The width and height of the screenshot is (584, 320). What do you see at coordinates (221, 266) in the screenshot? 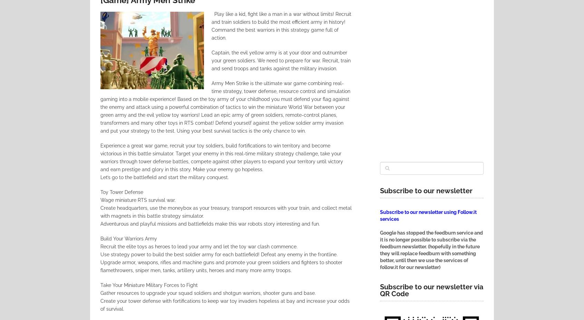
I see `'Upgrade armor, weapons, rifles and machine guns and promote your green soldiers and fighters to shooter flamethrowers, sniper men, tanks, artillery units, heroes and many more army troops.'` at bounding box center [221, 266].